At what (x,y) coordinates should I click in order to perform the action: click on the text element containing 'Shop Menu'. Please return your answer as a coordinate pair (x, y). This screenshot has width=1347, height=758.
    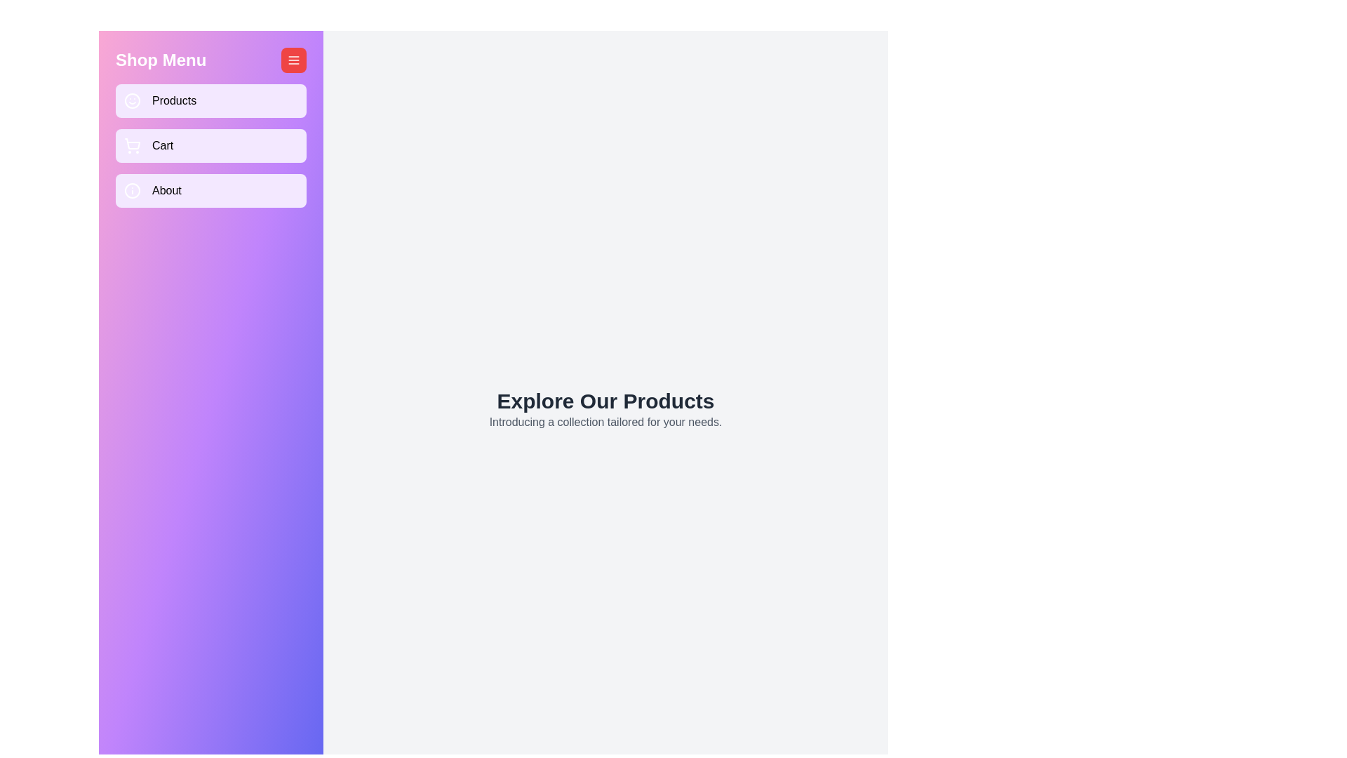
    Looking at the image, I should click on (161, 59).